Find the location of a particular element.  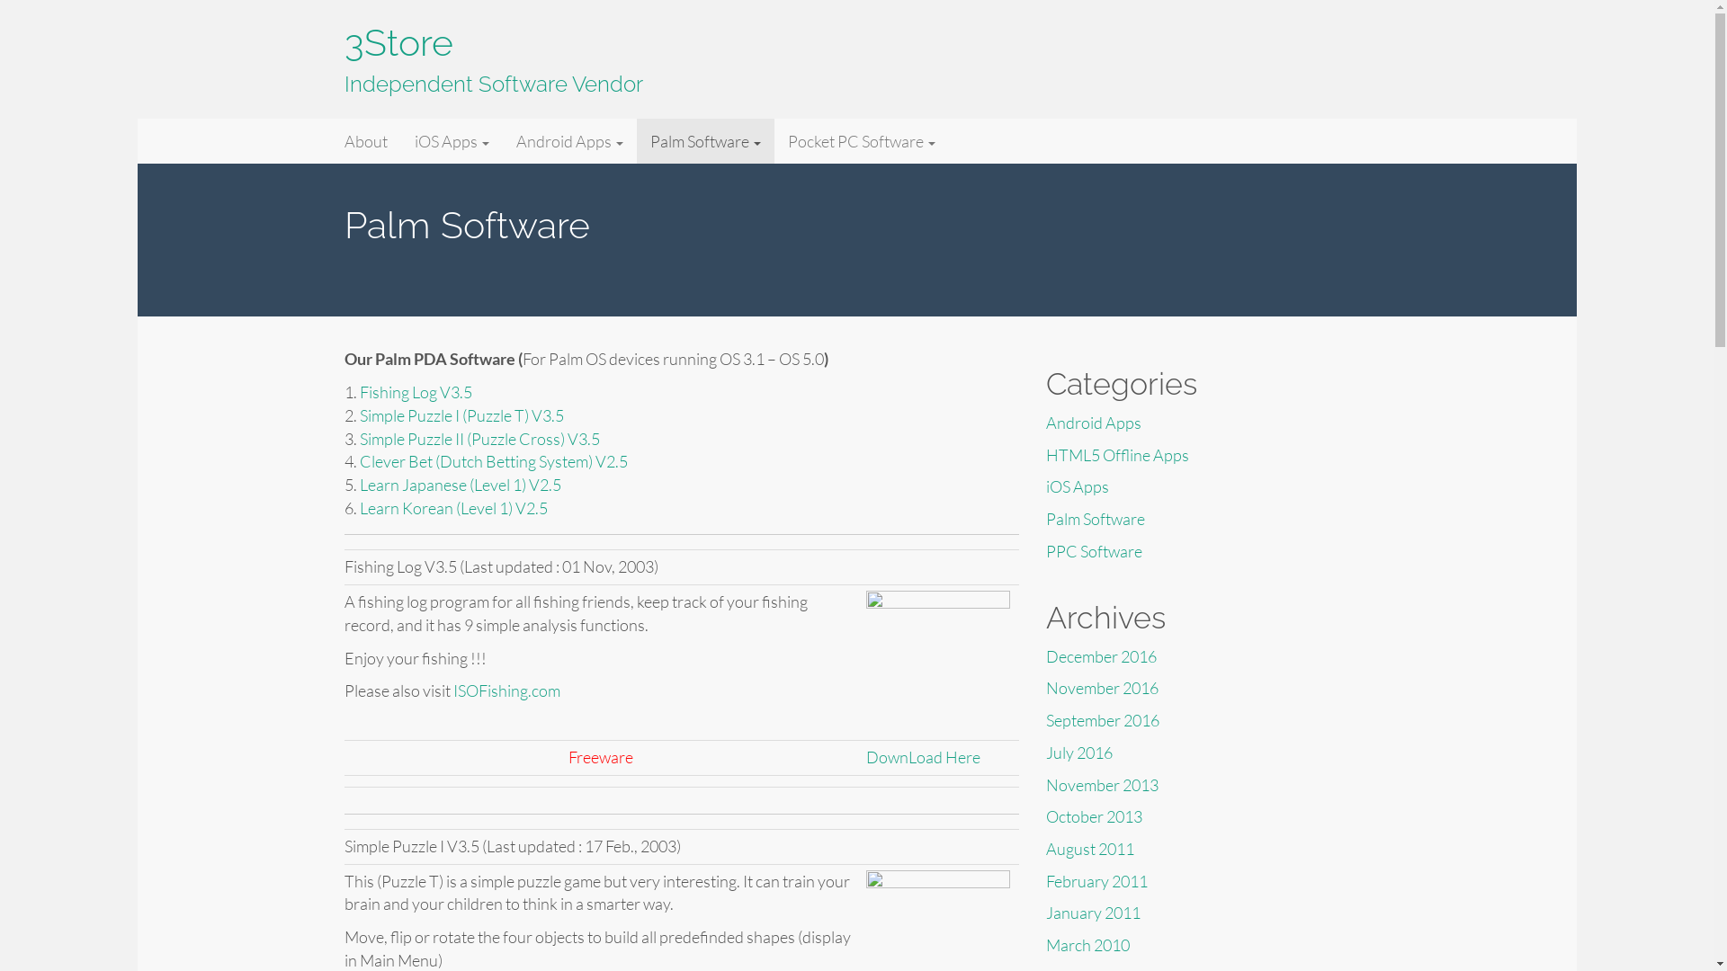

'PPC Software' is located at coordinates (1092, 550).